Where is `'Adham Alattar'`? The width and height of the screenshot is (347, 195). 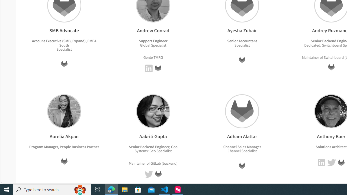
'Adham Alattar' is located at coordinates (242, 111).